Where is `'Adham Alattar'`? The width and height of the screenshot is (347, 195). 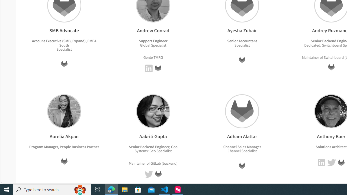
'Adham Alattar' is located at coordinates (242, 111).